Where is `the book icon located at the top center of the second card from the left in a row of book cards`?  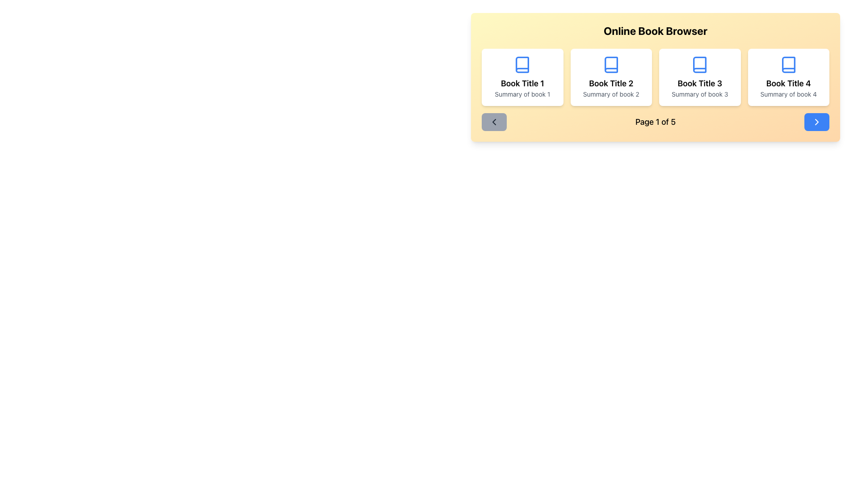
the book icon located at the top center of the second card from the left in a row of book cards is located at coordinates (610, 64).